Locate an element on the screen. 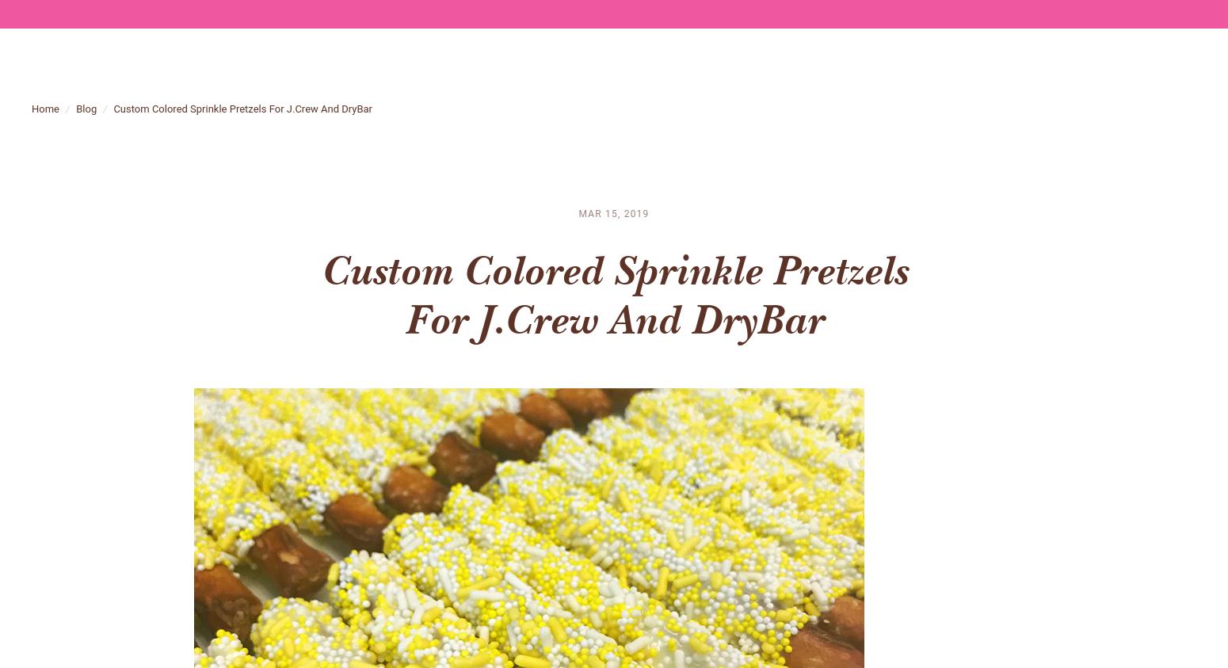 The image size is (1228, 668). 'celebrations + special occasions' is located at coordinates (922, 75).